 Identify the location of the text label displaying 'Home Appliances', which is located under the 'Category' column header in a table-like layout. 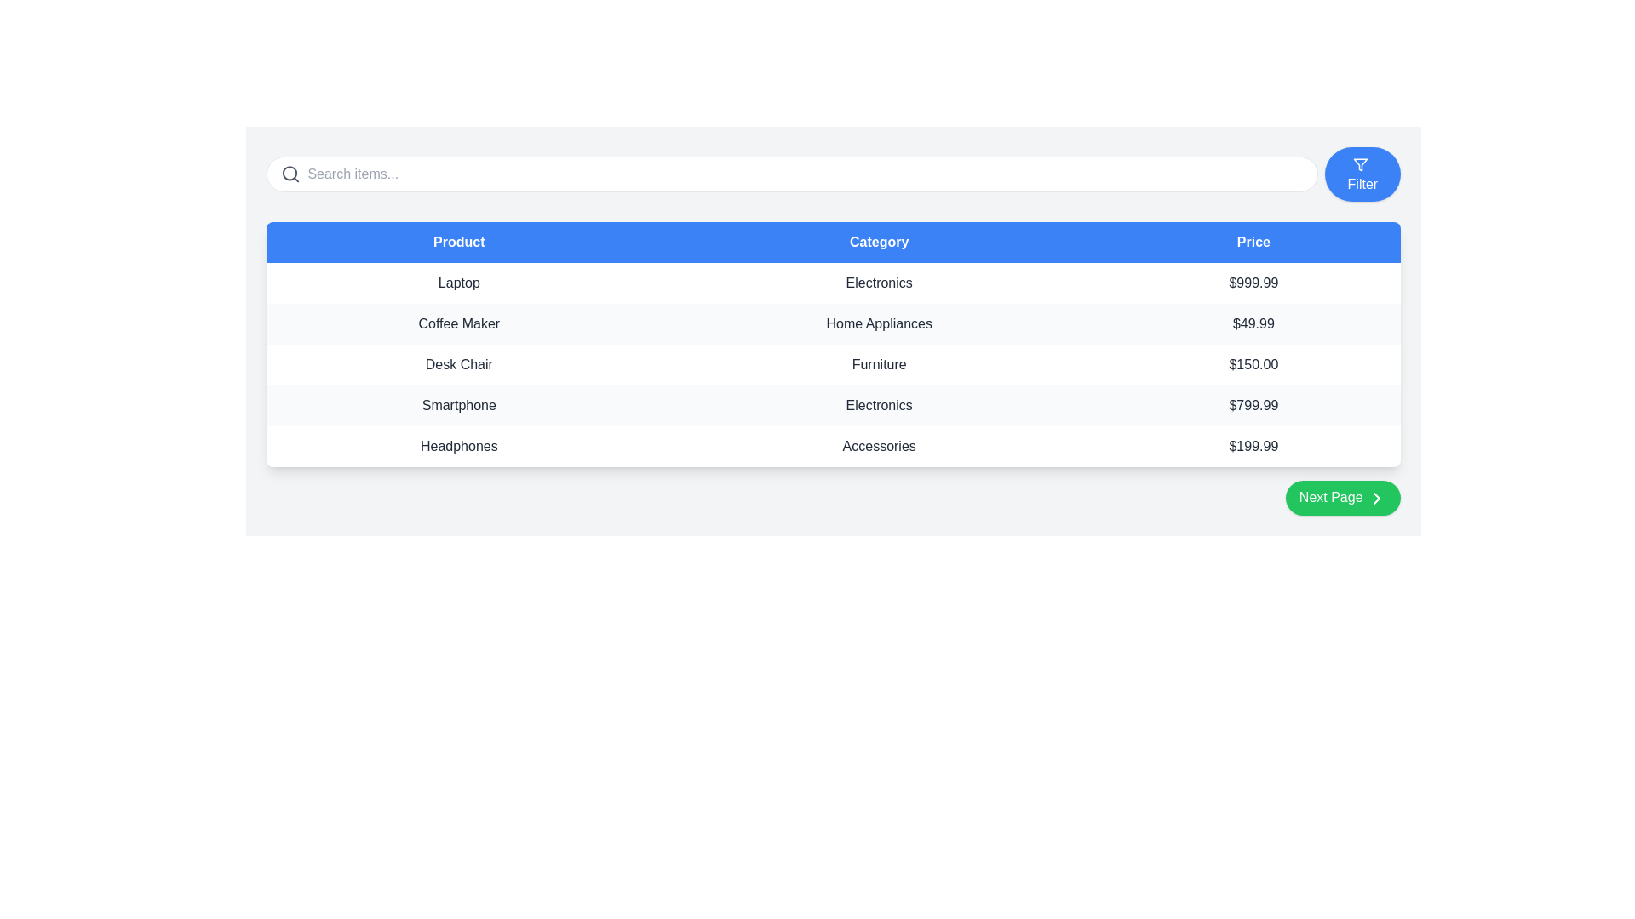
(879, 324).